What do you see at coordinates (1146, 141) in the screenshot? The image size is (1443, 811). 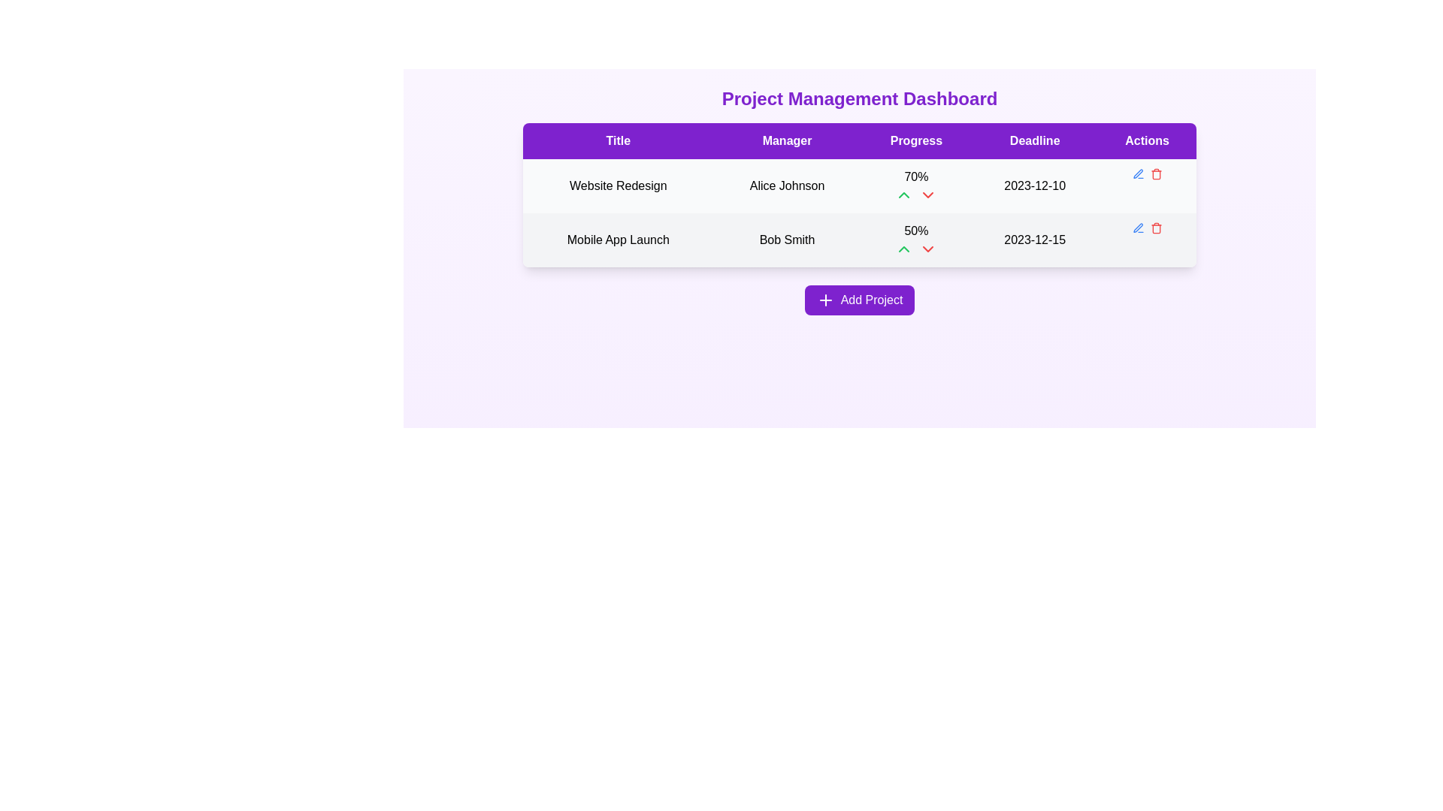 I see `the 'Actions' header label, which is the fifth item in a horizontal row of labels at the top of a data table, located to the right of the 'Deadline' column header` at bounding box center [1146, 141].